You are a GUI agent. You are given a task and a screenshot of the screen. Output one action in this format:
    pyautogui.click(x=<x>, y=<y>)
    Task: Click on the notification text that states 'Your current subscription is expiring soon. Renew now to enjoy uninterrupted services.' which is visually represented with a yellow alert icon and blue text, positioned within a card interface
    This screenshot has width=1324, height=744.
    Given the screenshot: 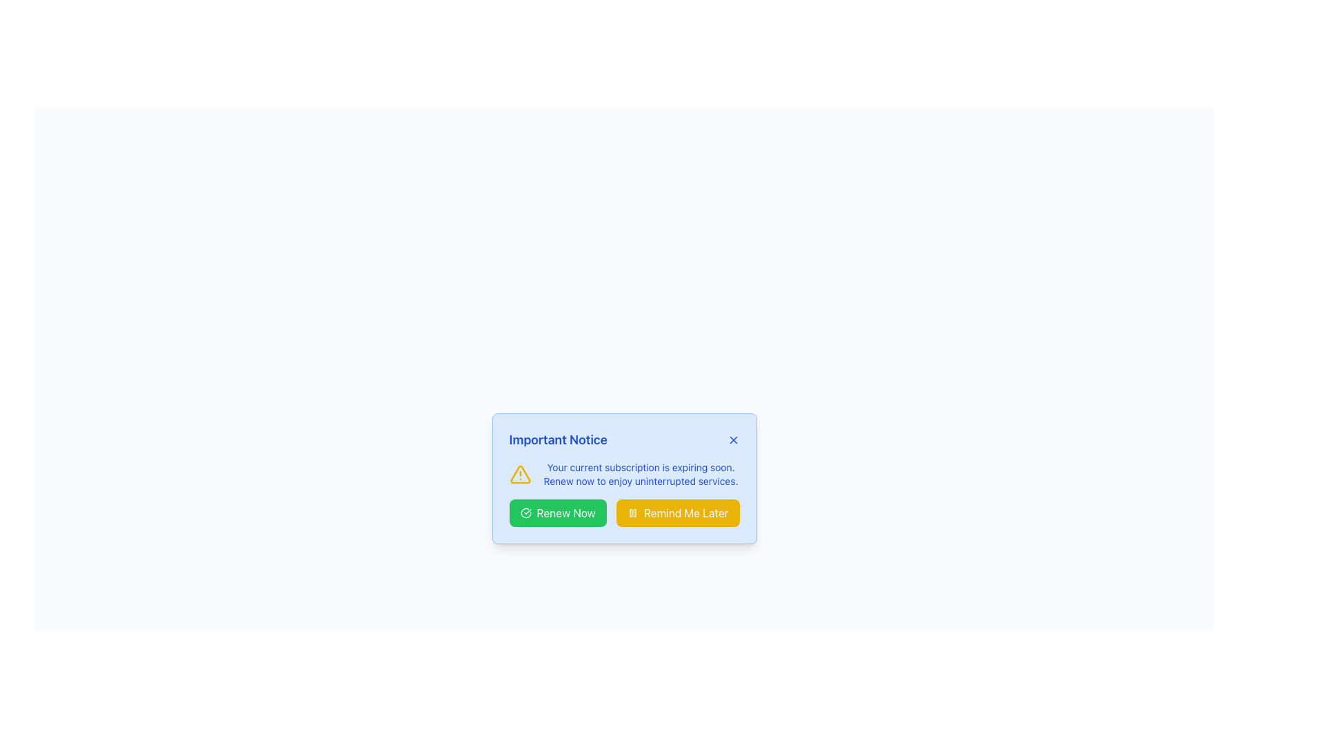 What is the action you would take?
    pyautogui.click(x=623, y=474)
    